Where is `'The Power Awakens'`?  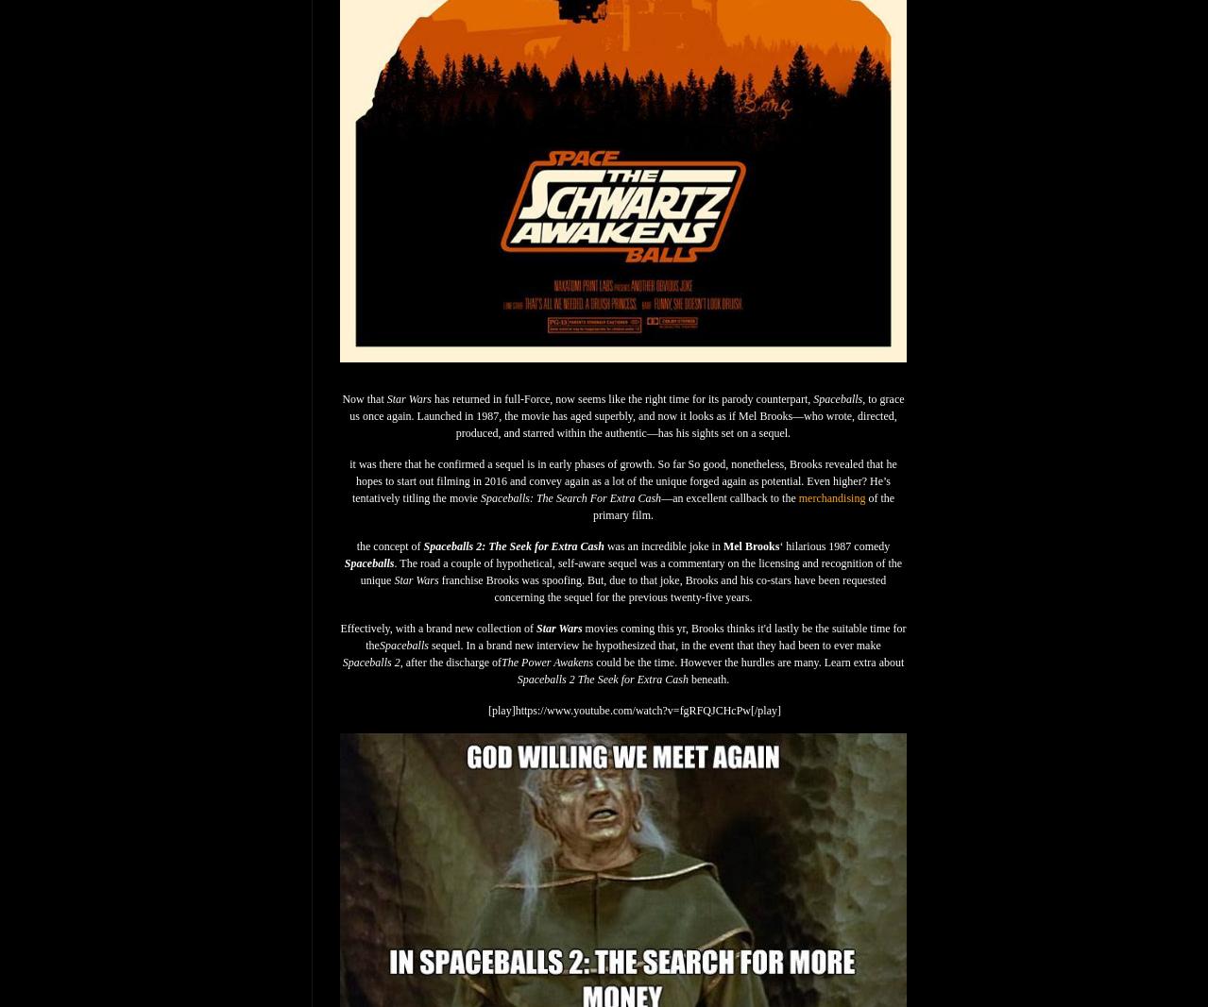
'The Power Awakens' is located at coordinates (547, 662).